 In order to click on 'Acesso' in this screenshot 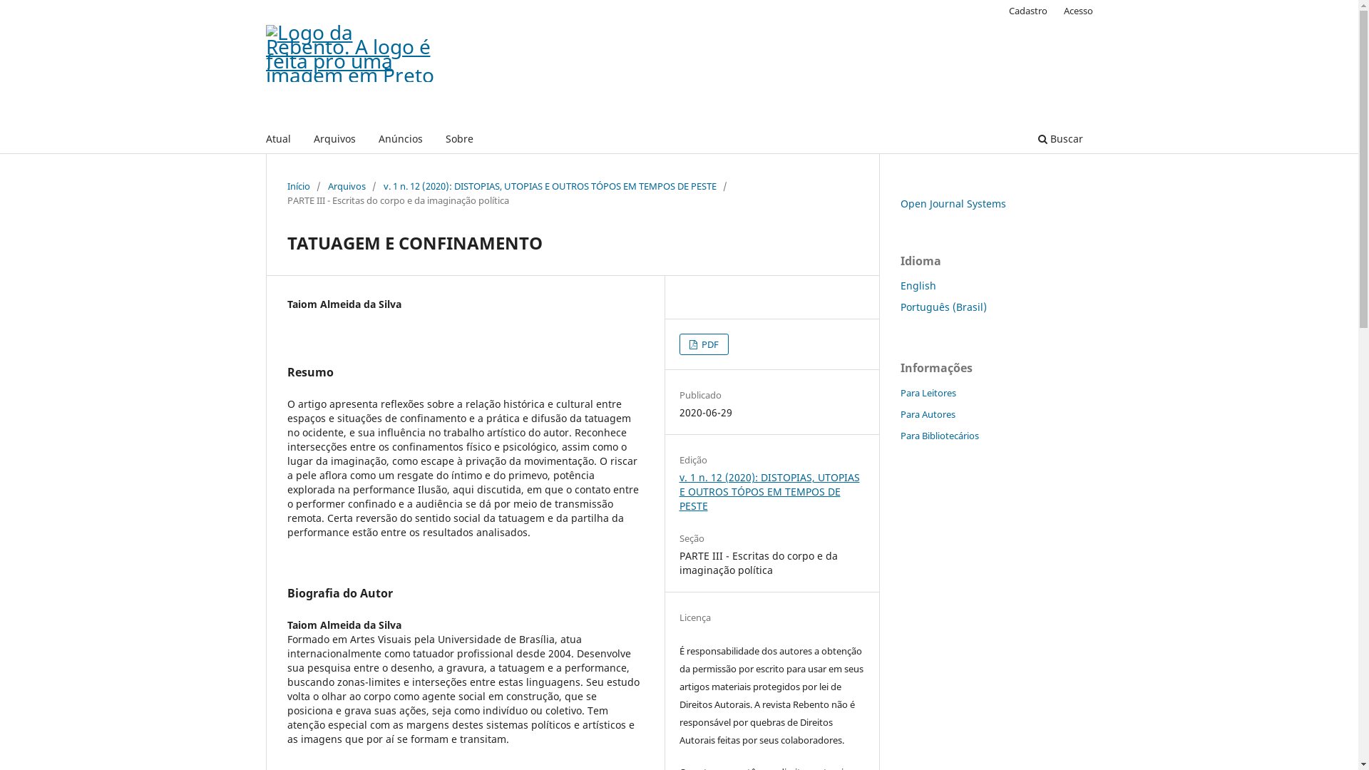, I will do `click(1057, 11)`.